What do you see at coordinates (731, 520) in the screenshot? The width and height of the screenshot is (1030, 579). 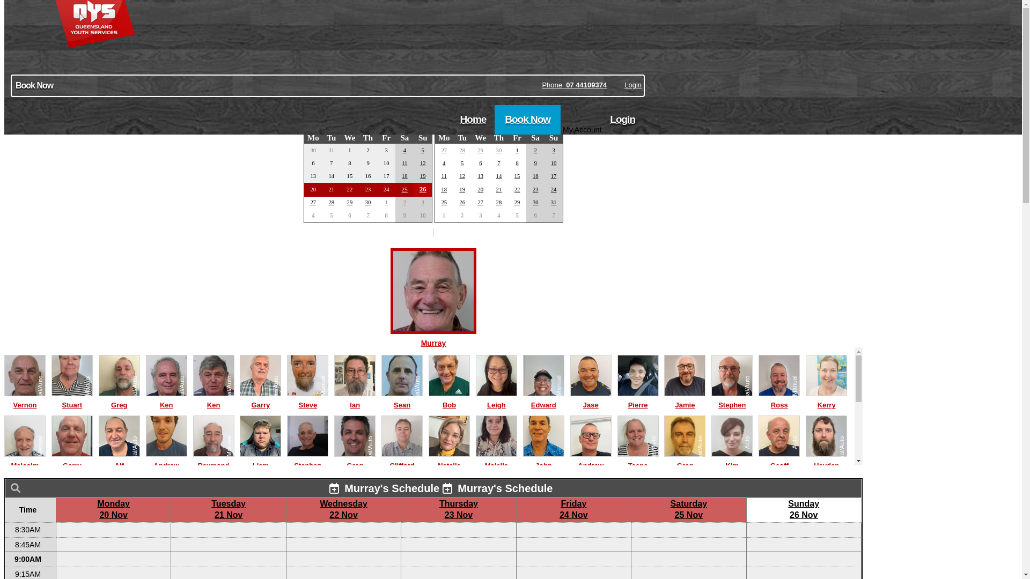 I see `'Mareeca` at bounding box center [731, 520].